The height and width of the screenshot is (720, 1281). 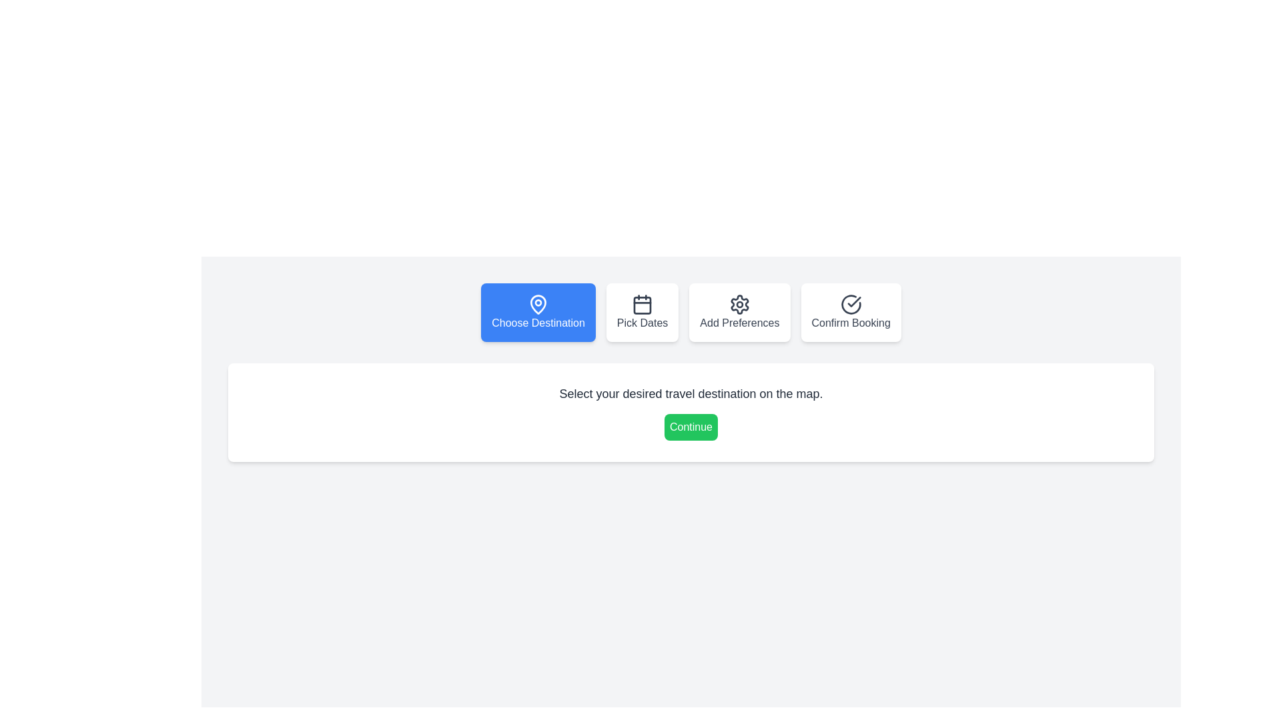 What do you see at coordinates (643, 313) in the screenshot?
I see `the step navigation button for Pick Dates` at bounding box center [643, 313].